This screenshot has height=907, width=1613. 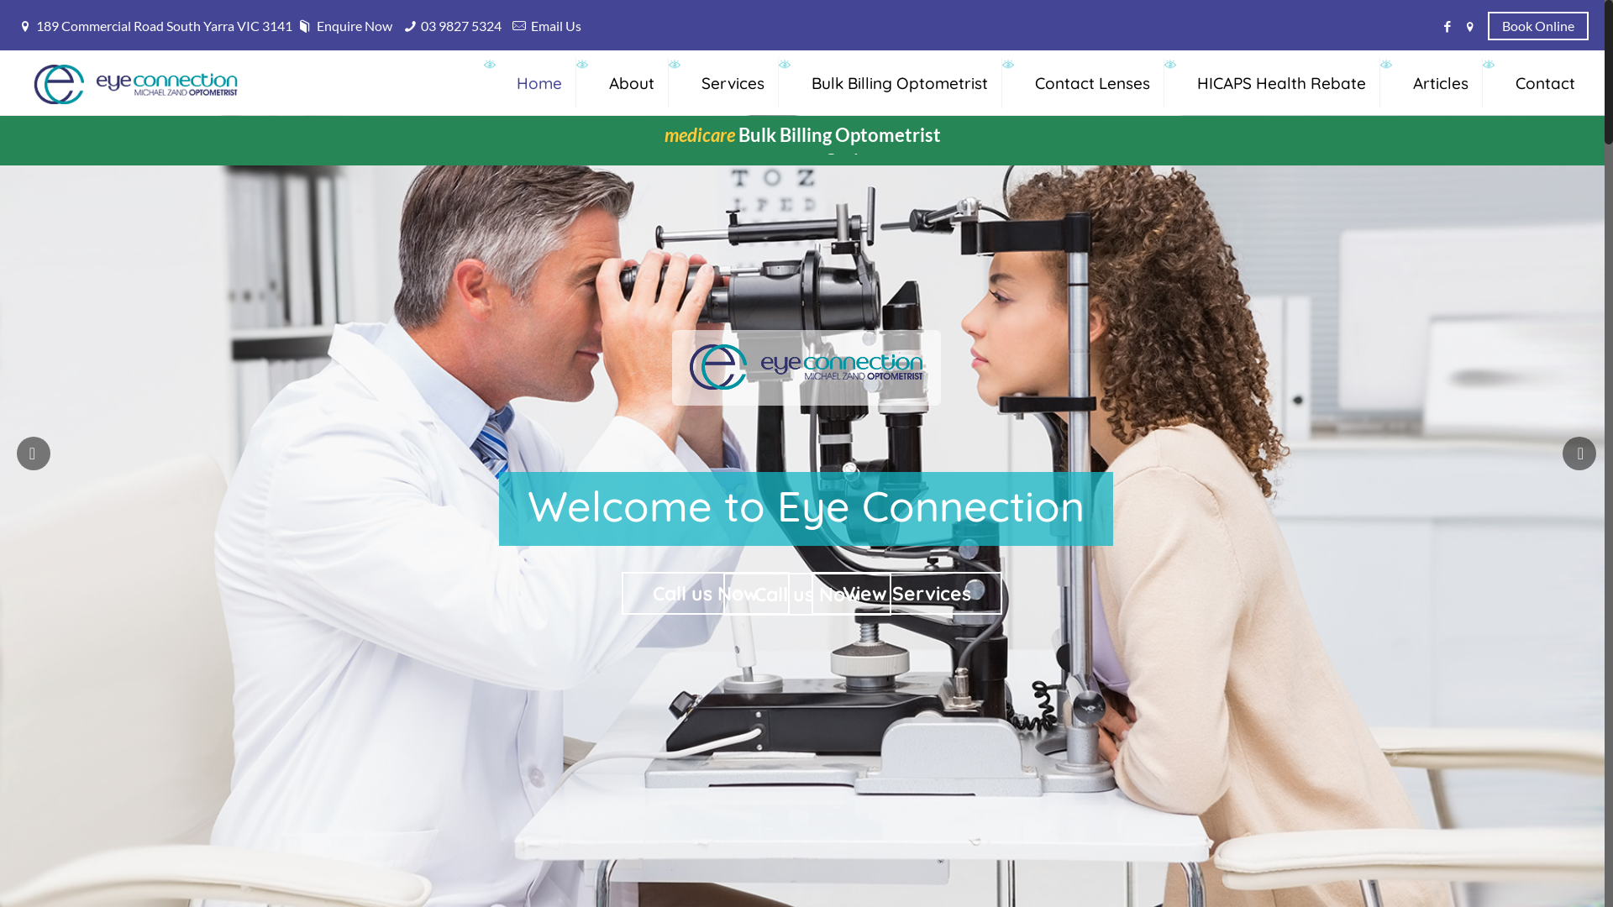 What do you see at coordinates (706, 592) in the screenshot?
I see `'Call us Now'` at bounding box center [706, 592].